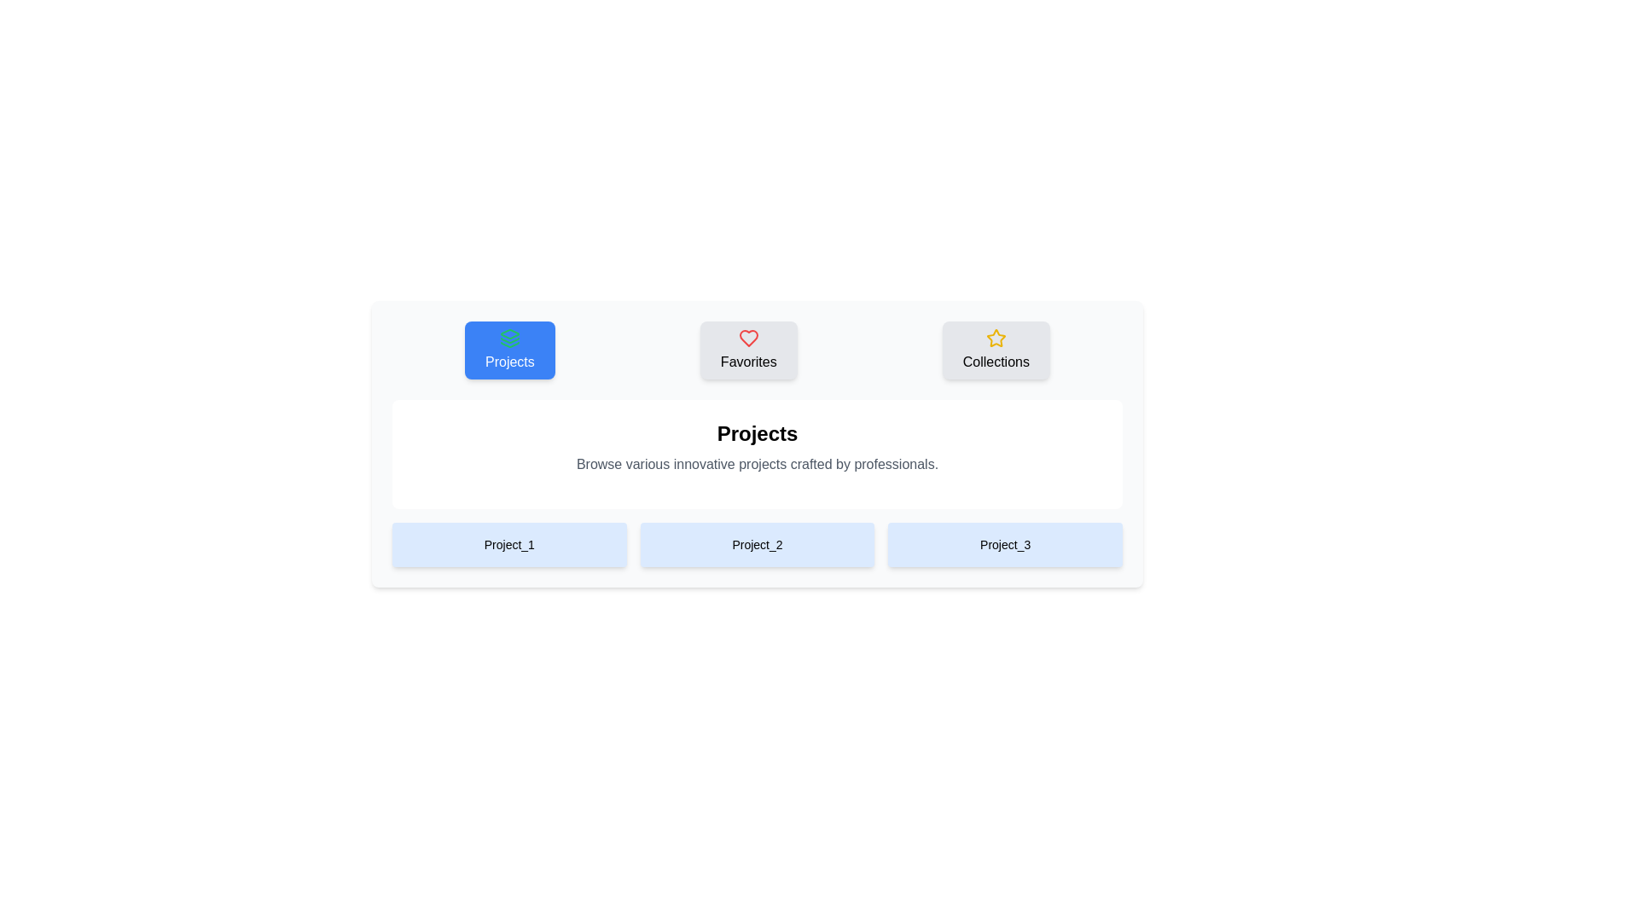 The width and height of the screenshot is (1638, 921). I want to click on the Project_3 Image to observe the visual effect, so click(1005, 545).